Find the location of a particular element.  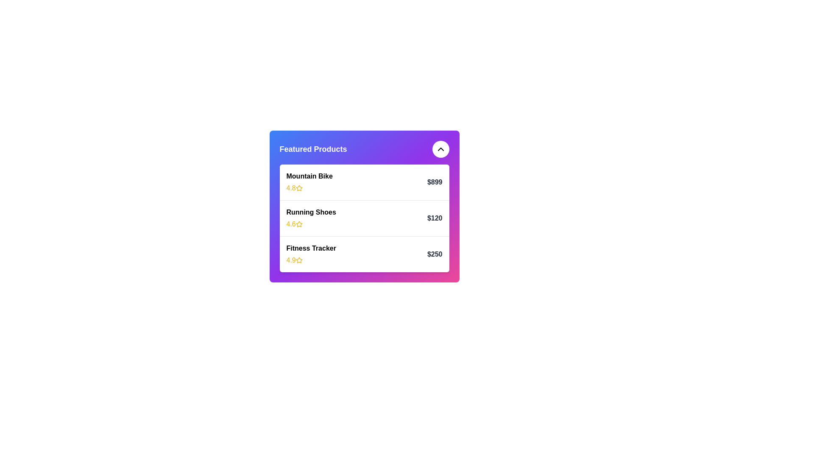

the title text element identifying the product 'Mountain Bike', which is located at the upper part of its card component above the rating and price information is located at coordinates (309, 176).